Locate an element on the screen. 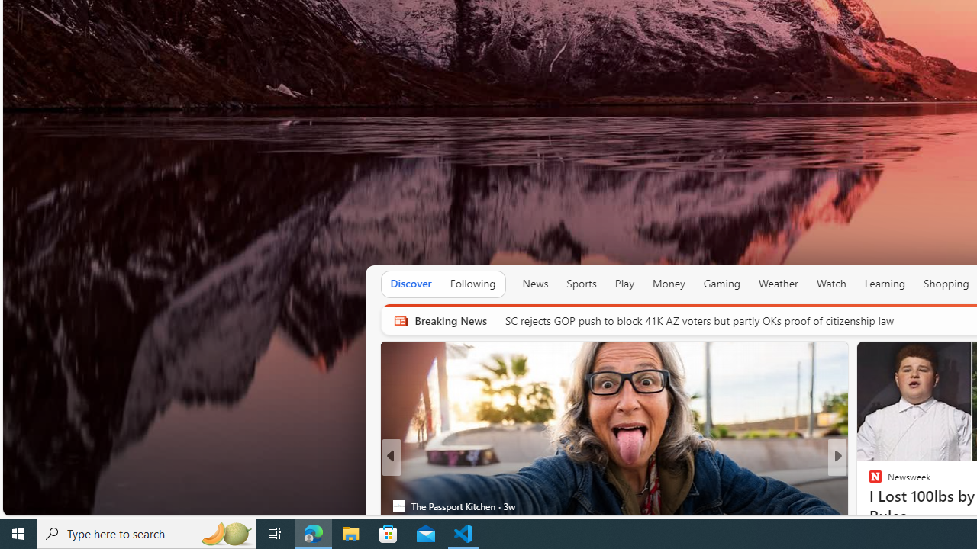 This screenshot has height=549, width=977. 'News' is located at coordinates (535, 283).